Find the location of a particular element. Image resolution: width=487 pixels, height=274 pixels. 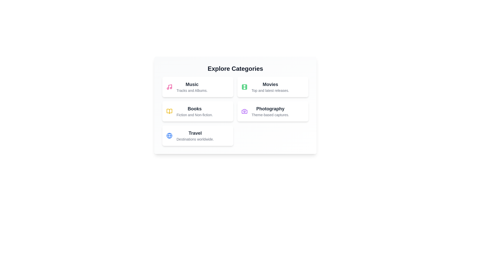

the category card corresponding to Travel is located at coordinates (197, 135).